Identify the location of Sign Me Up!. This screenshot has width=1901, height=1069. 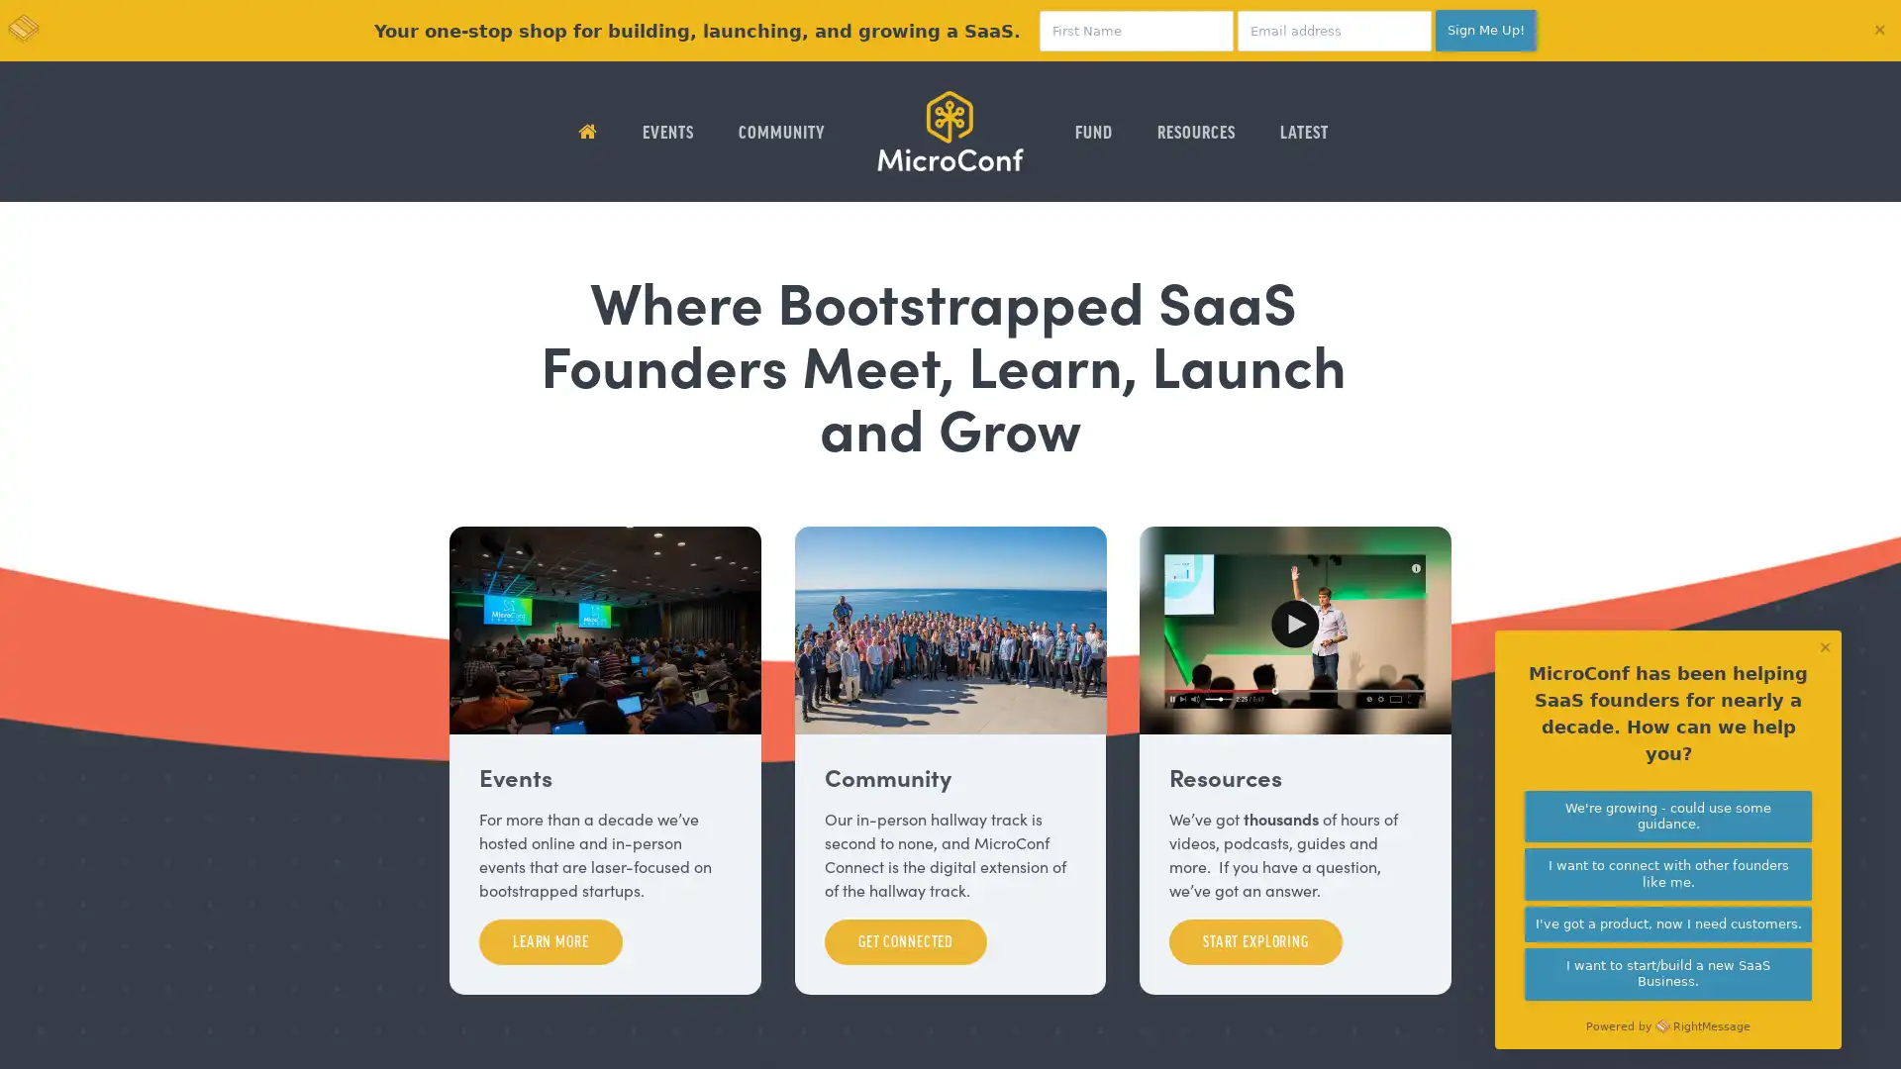
(1486, 30).